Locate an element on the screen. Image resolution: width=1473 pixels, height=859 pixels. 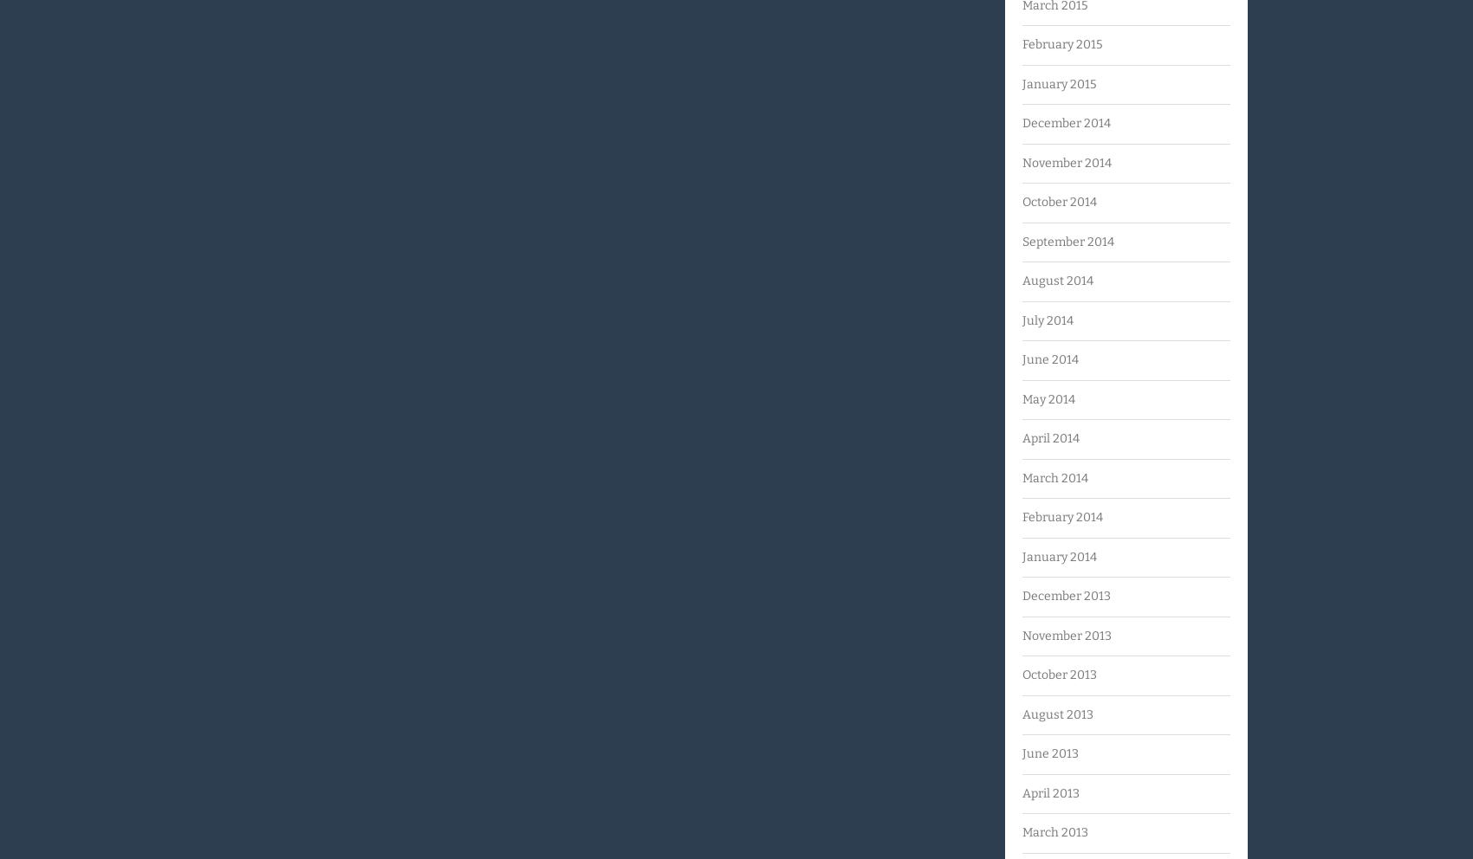
'June 2013' is located at coordinates (1021, 753).